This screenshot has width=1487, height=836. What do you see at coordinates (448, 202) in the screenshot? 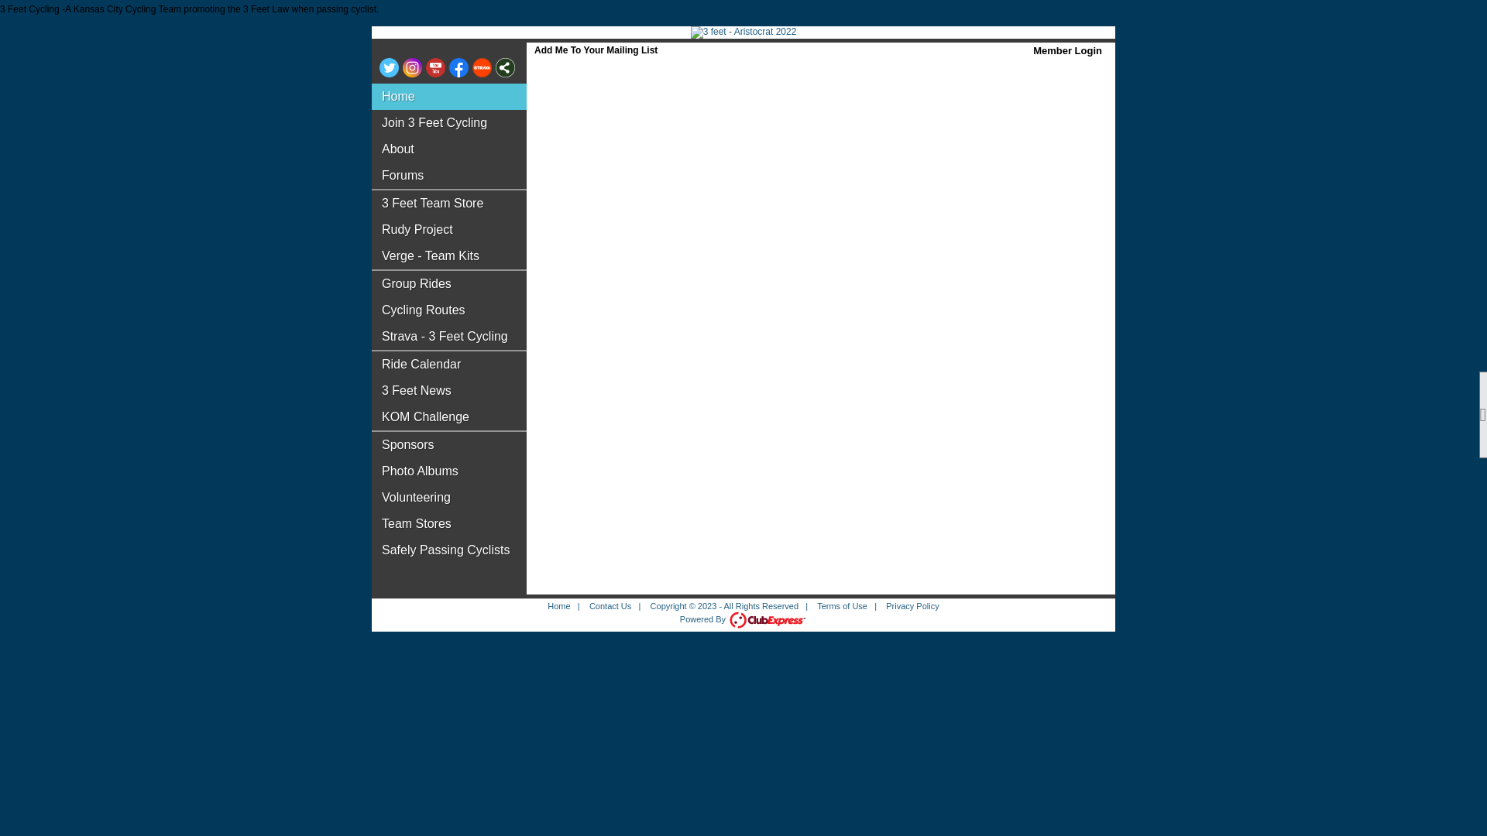
I see `'3 Feet Team Store'` at bounding box center [448, 202].